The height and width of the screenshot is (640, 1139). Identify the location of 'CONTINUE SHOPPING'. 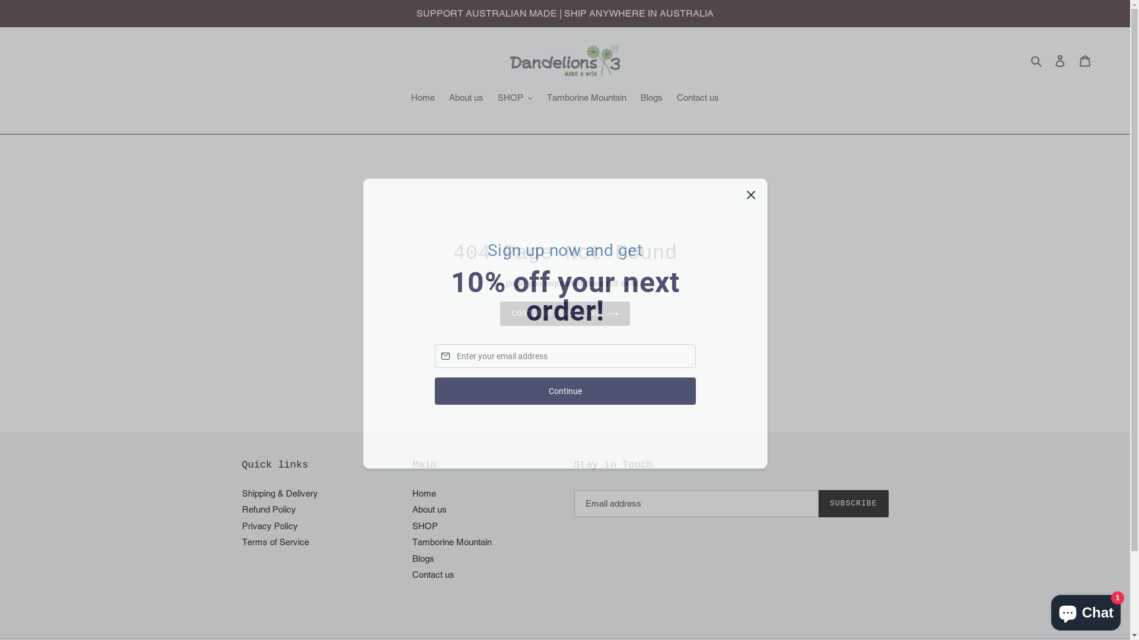
(500, 313).